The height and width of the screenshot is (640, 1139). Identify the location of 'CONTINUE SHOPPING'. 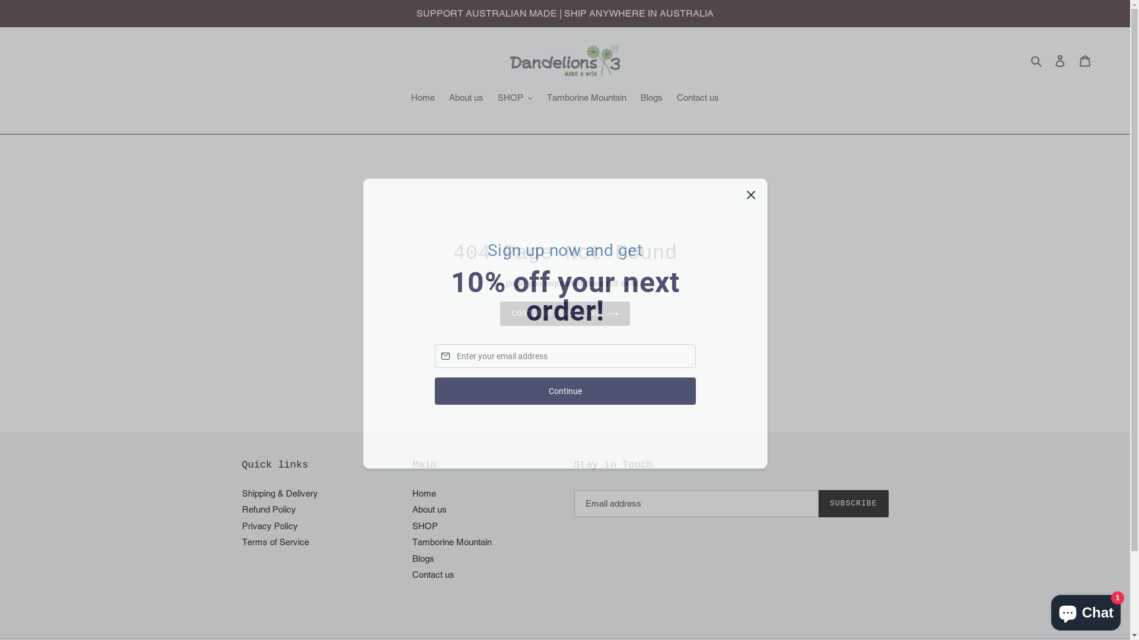
(500, 313).